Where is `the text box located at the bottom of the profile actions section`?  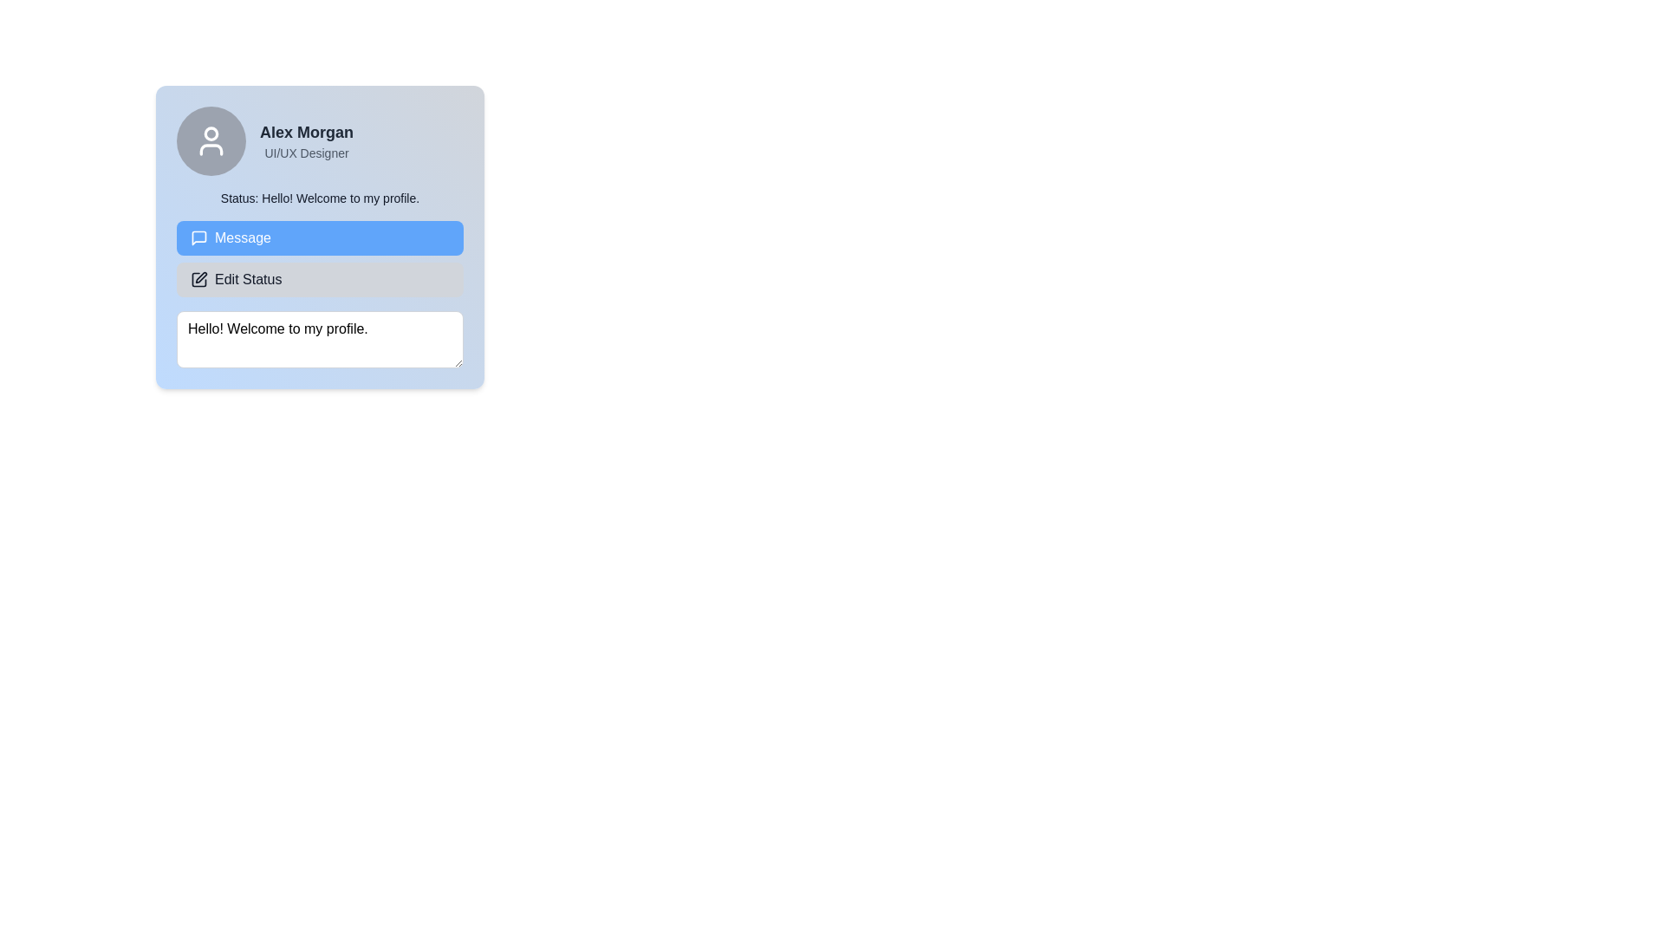 the text box located at the bottom of the profile actions section is located at coordinates (320, 340).